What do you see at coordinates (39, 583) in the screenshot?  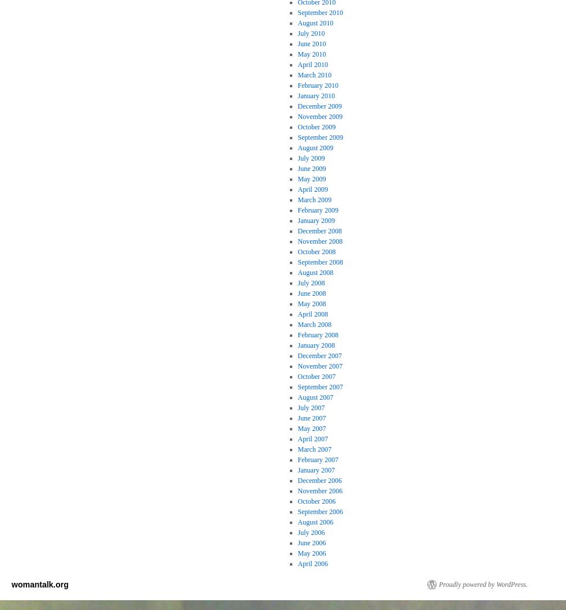 I see `'womantalk.org'` at bounding box center [39, 583].